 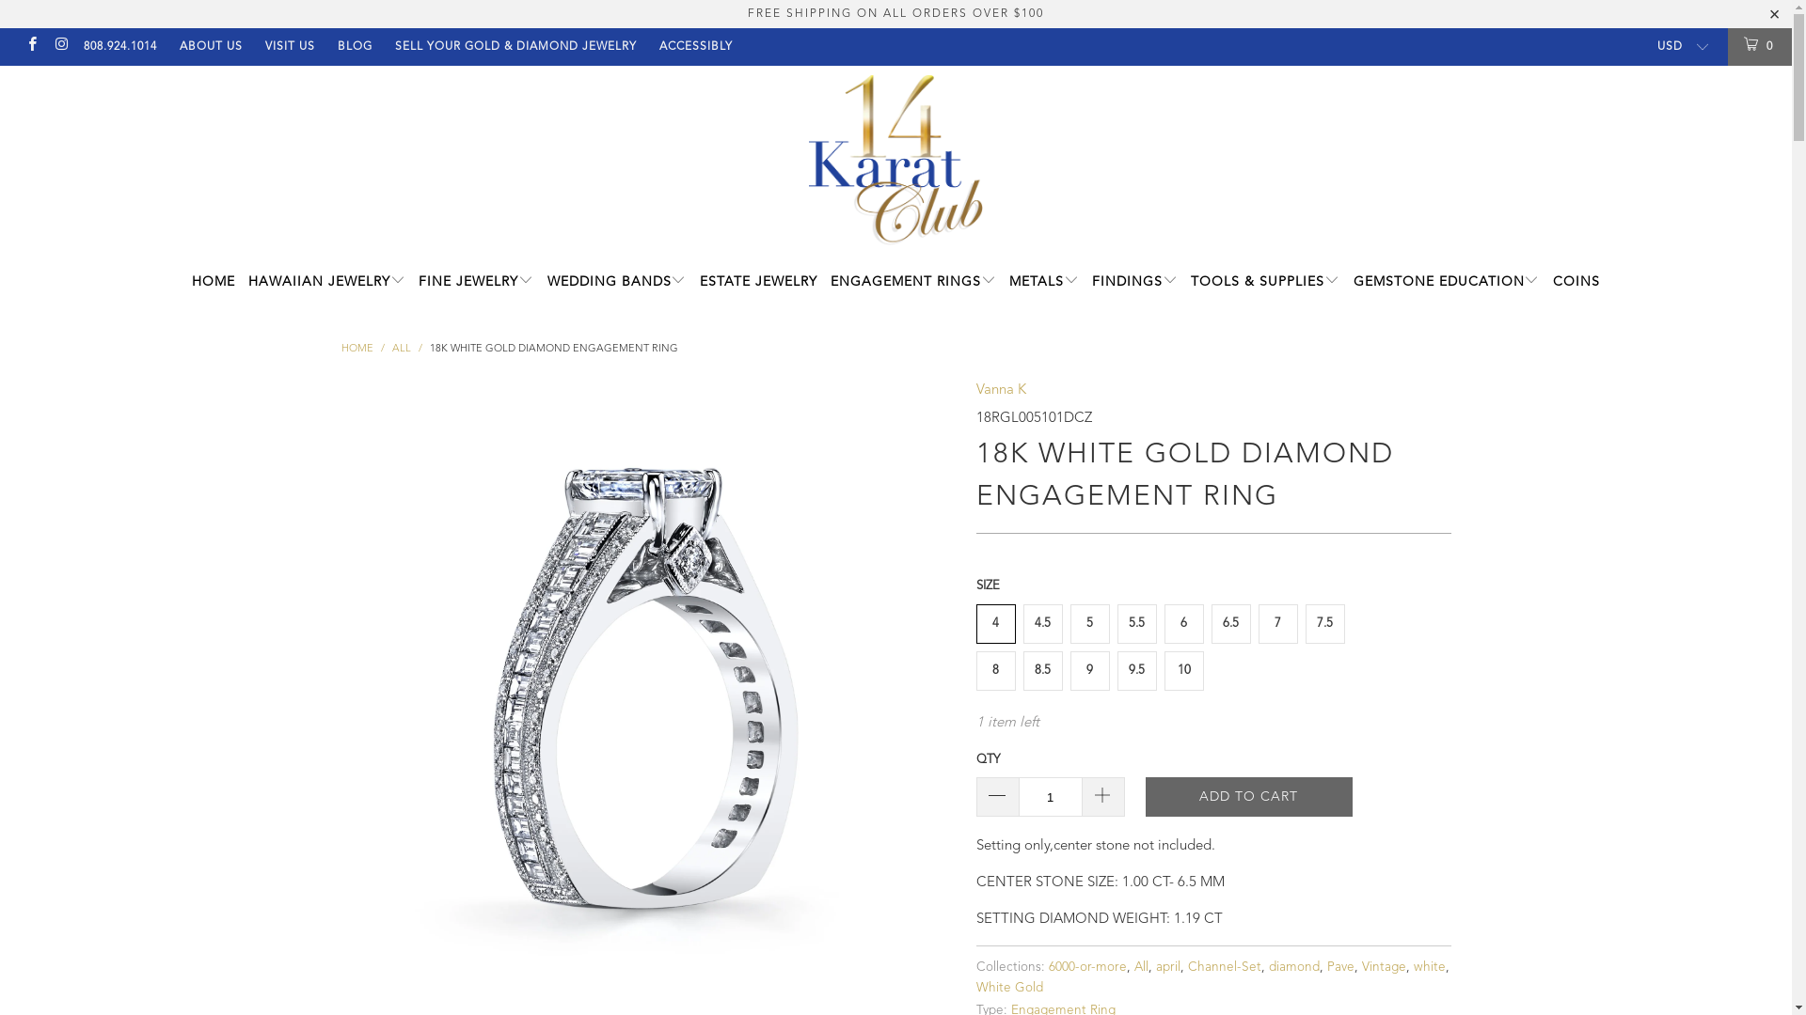 I want to click on 'HAWAIIAN JEWELRY', so click(x=326, y=282).